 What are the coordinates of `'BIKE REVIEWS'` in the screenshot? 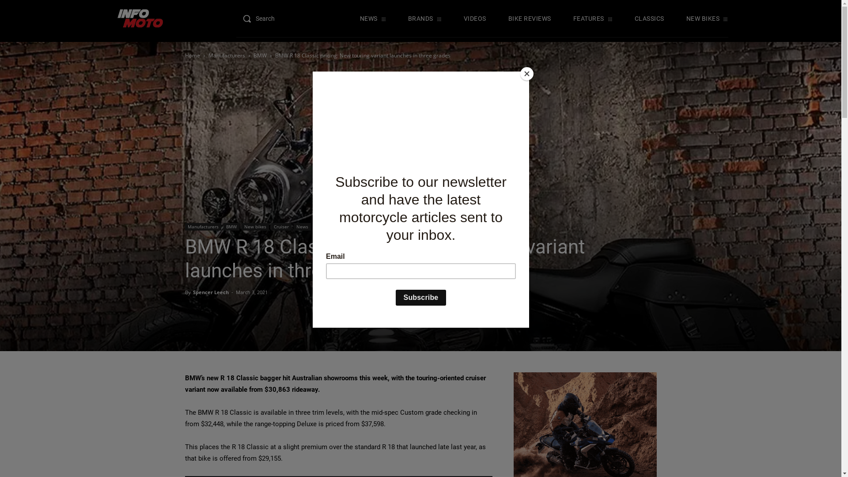 It's located at (530, 19).